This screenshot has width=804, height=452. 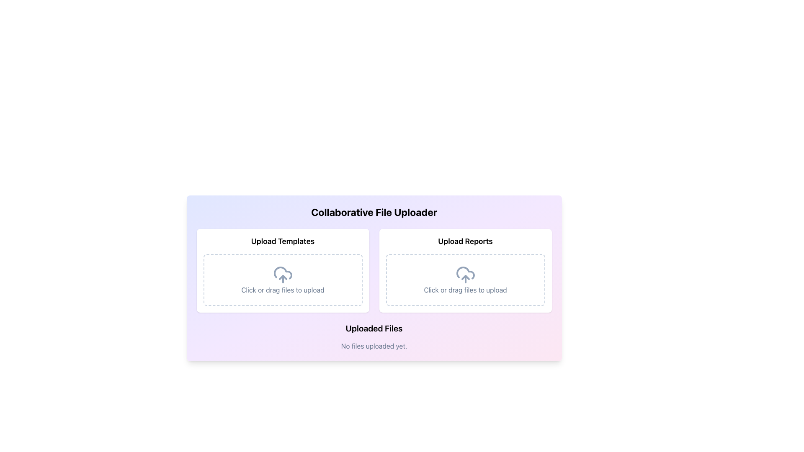 What do you see at coordinates (374, 328) in the screenshot?
I see `the 'Uploaded Files' text label, which is styled with a large, bold font and positioned below the upload sections and above the subtext 'No files uploaded yet.'` at bounding box center [374, 328].